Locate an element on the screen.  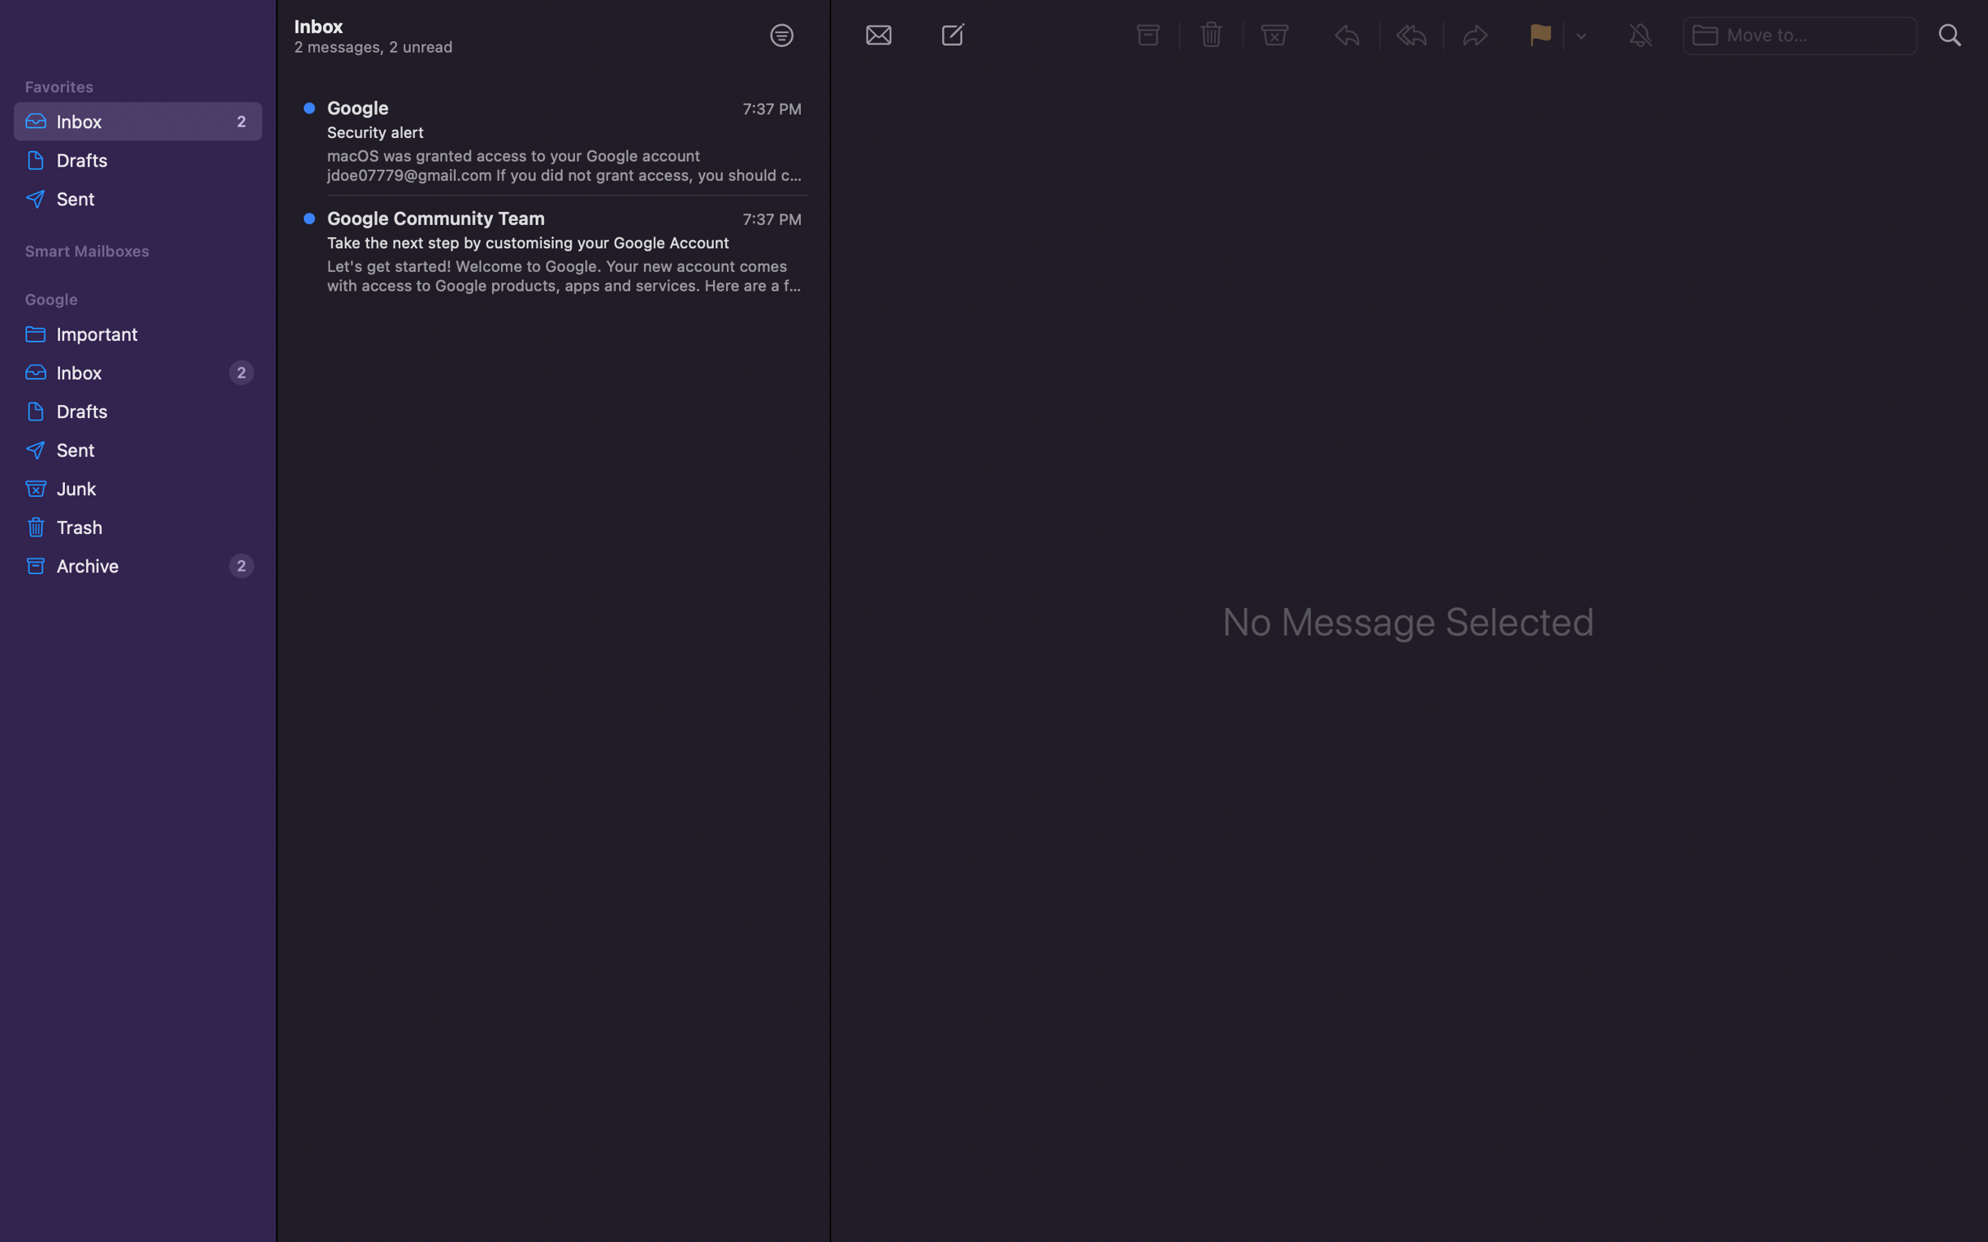
Change the flag color is located at coordinates (1580, 36).